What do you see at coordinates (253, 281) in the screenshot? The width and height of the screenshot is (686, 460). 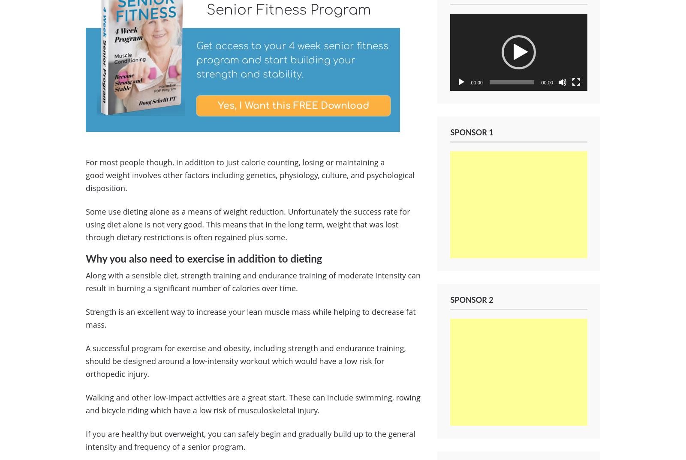 I see `'Along with a sensible diet, strength training and endurance training of moderate intensity can result in burning a significant number of calories over time.'` at bounding box center [253, 281].